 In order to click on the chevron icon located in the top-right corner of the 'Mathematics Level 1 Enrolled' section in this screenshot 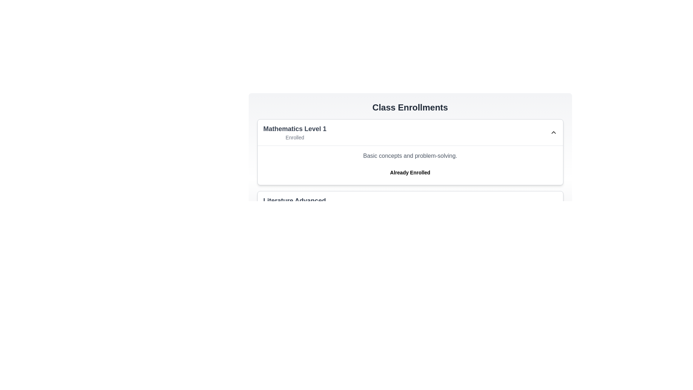, I will do `click(553, 132)`.